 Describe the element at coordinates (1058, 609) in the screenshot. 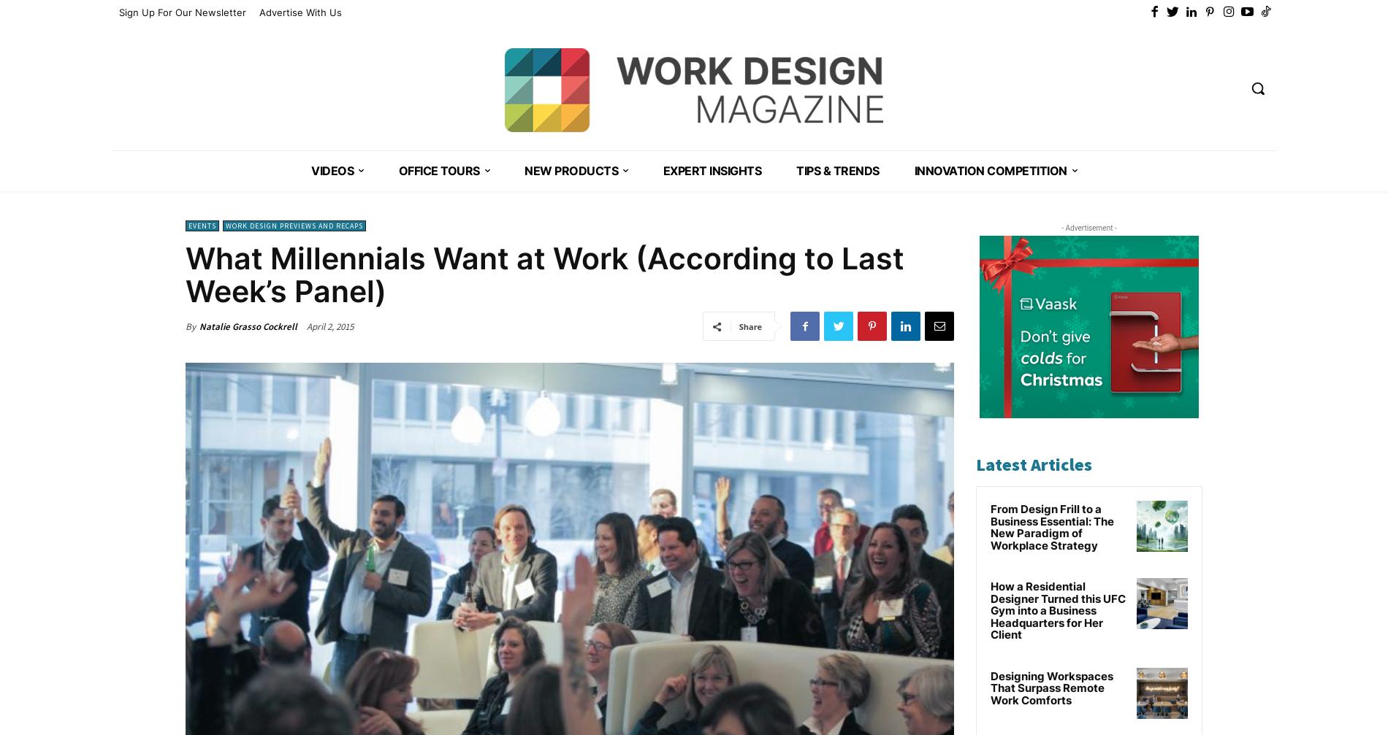

I see `'How a Residential Designer Turned this UFC Gym into a Business Headquarters for Her Client'` at that location.